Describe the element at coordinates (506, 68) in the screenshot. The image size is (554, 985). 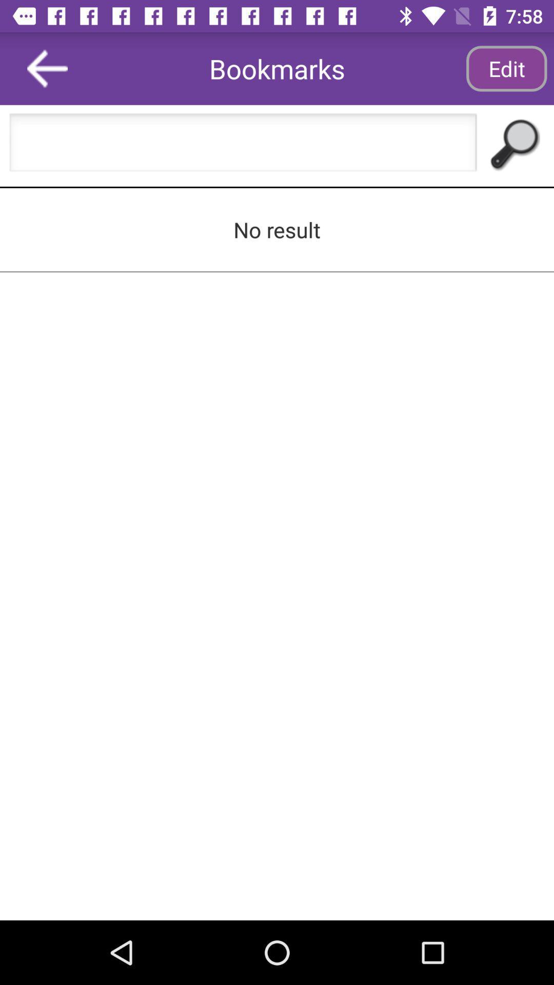
I see `item next to bookmarks` at that location.